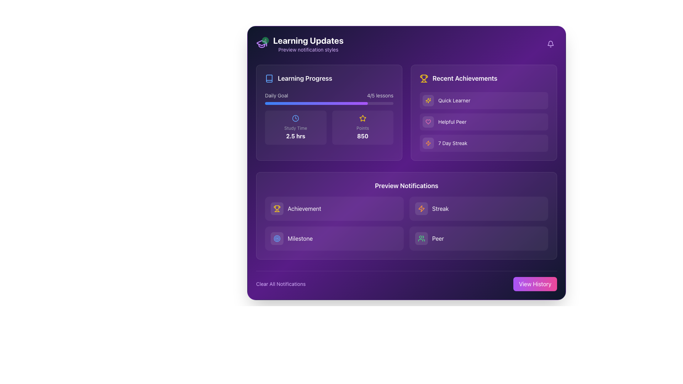 The height and width of the screenshot is (384, 683). Describe the element at coordinates (304, 208) in the screenshot. I see `the text label indicating the purpose of the 'Achievement' card in the 'Preview Notifications' section to potentially reveal additional information` at that location.